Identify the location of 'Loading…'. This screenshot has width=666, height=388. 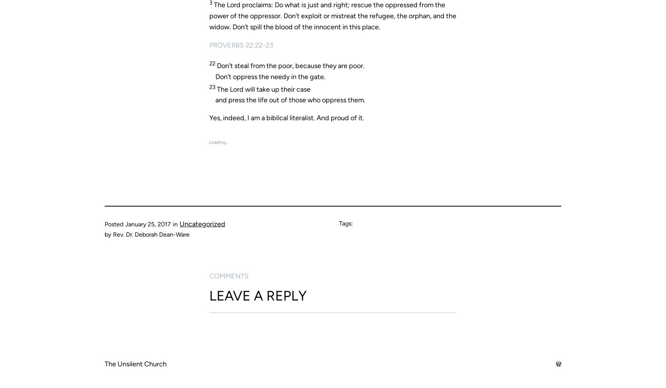
(219, 142).